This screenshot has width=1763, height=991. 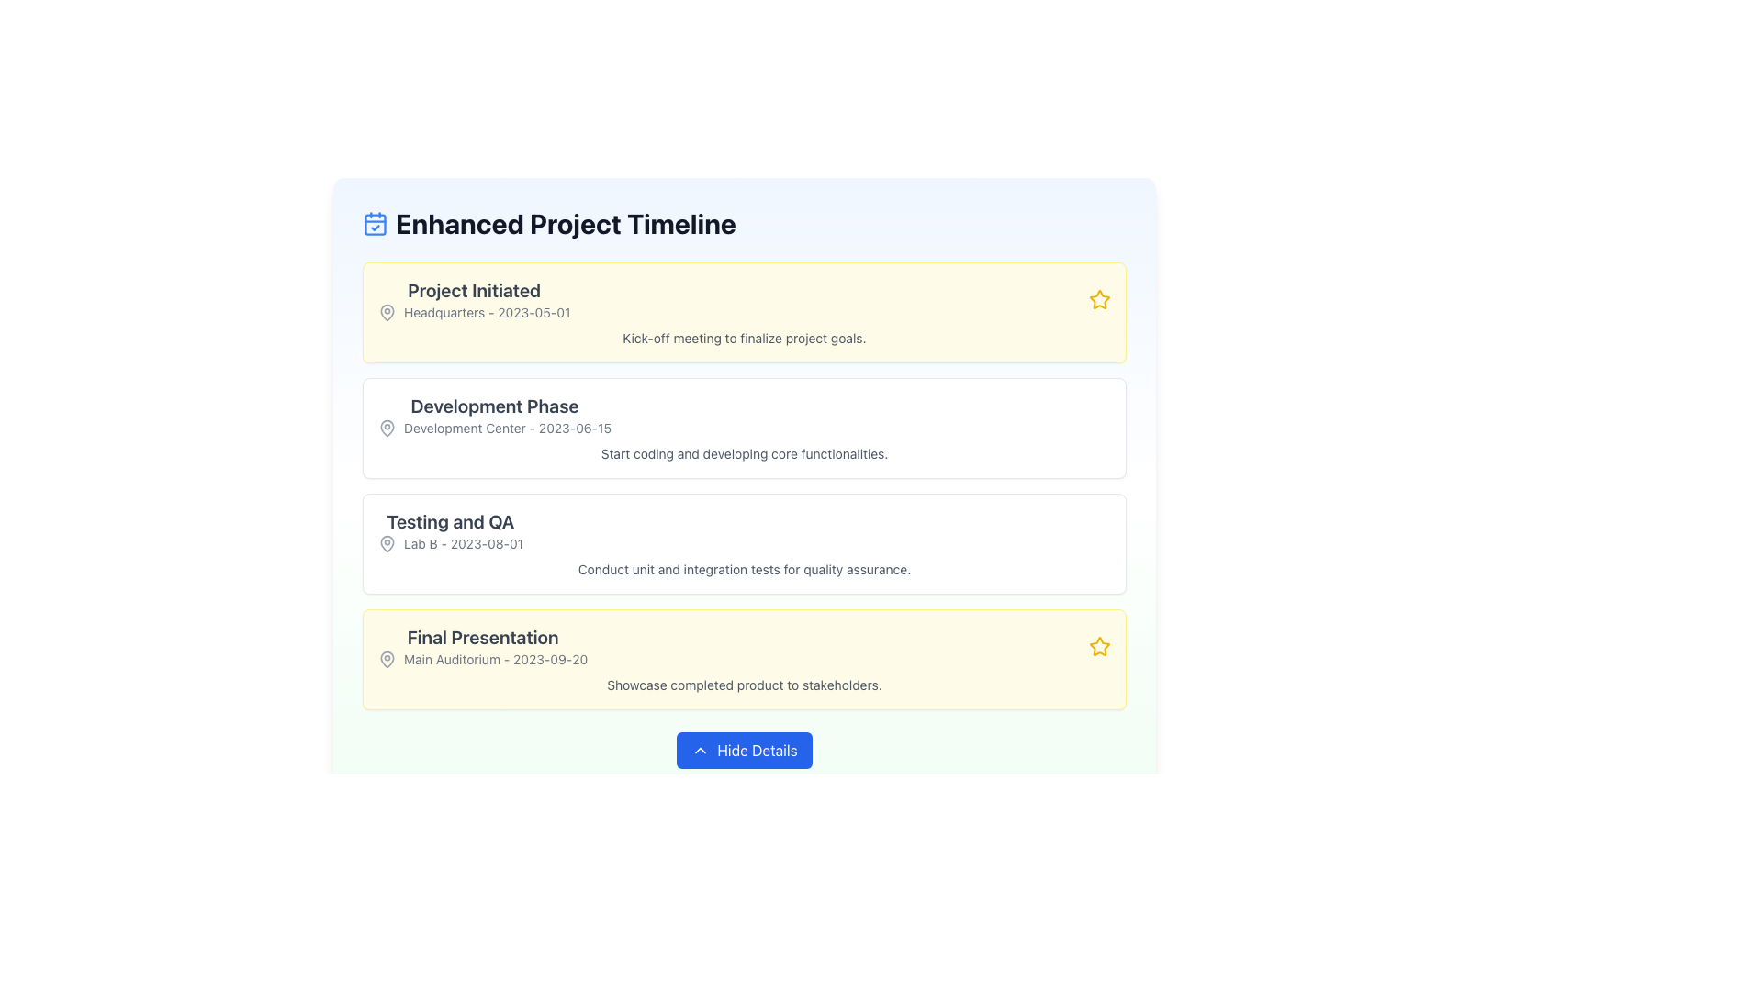 What do you see at coordinates (387, 428) in the screenshot?
I see `geographical pin drop icon located to the left of the text 'Development Center - 2023-06-15' in the 'Development Phase' entry for accessibility` at bounding box center [387, 428].